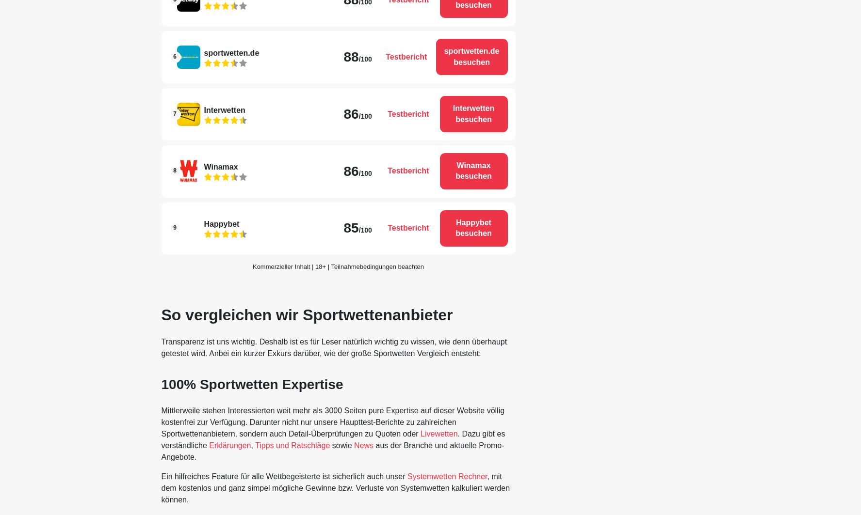 This screenshot has height=515, width=861. I want to click on 'Erklärungen', so click(209, 445).